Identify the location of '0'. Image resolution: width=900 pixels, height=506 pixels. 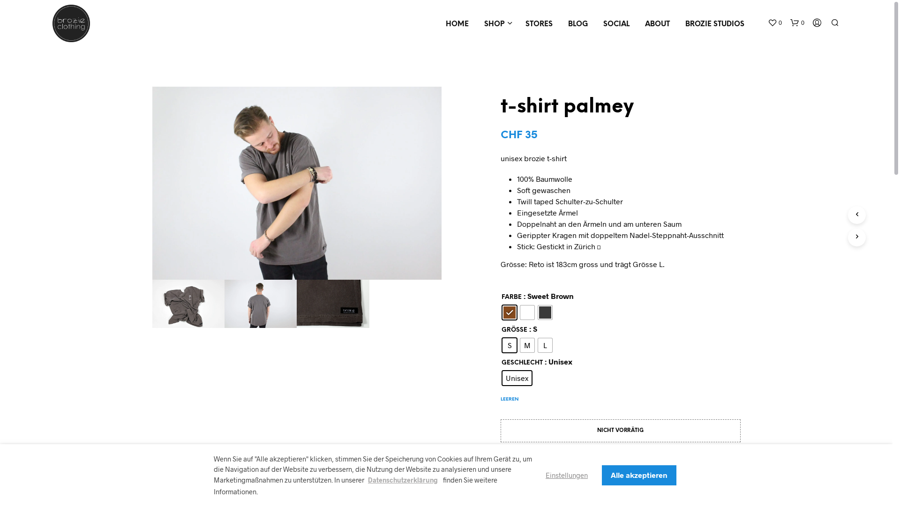
(796, 22).